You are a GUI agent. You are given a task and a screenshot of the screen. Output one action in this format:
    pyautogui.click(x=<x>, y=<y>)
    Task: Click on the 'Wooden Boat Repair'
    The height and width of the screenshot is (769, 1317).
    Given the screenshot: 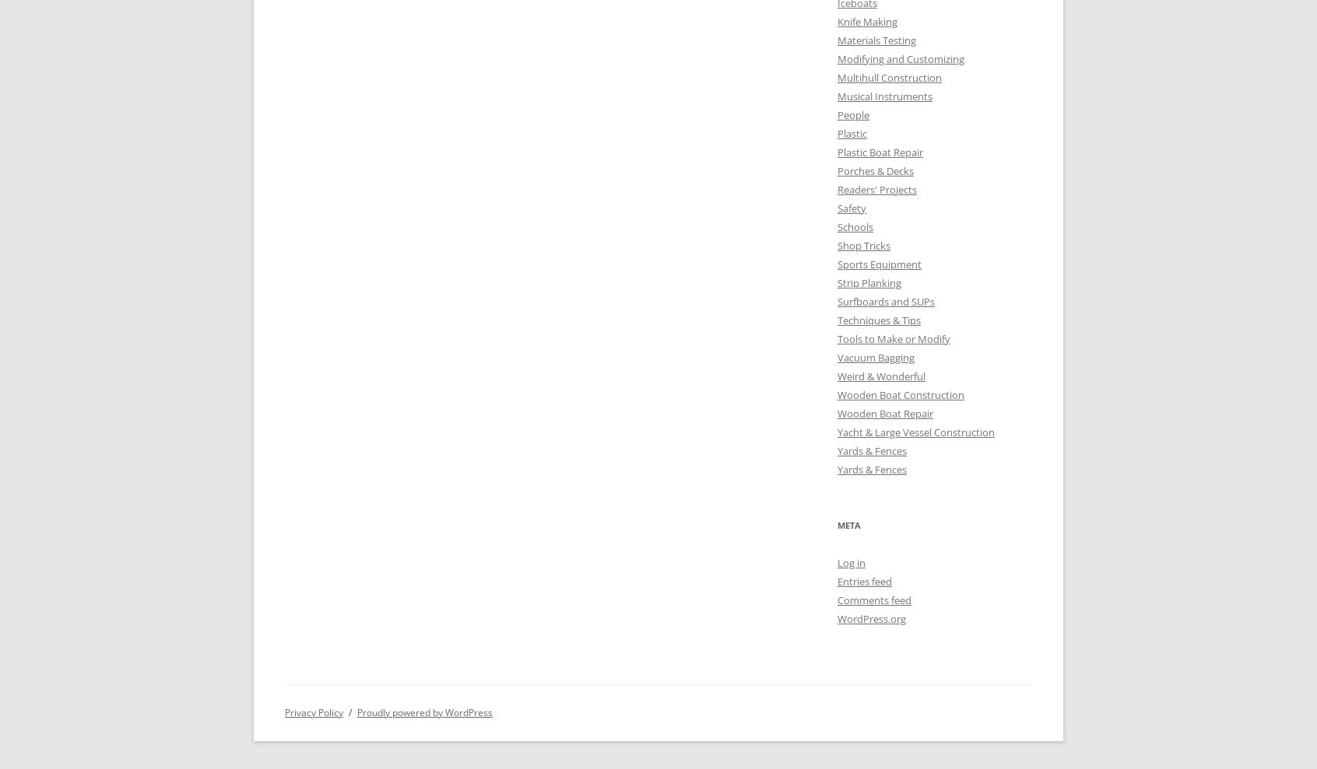 What is the action you would take?
    pyautogui.click(x=837, y=412)
    